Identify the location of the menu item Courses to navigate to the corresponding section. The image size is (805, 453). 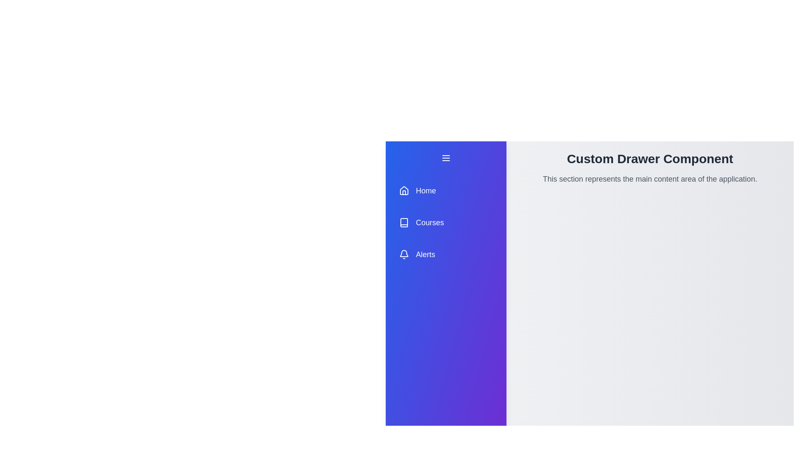
(446, 222).